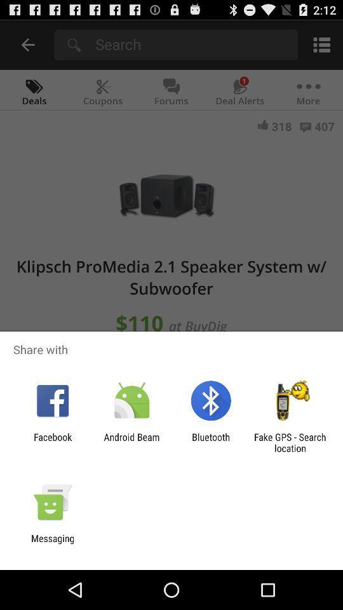 The width and height of the screenshot is (343, 610). Describe the element at coordinates (290, 442) in the screenshot. I see `fake gps search app` at that location.